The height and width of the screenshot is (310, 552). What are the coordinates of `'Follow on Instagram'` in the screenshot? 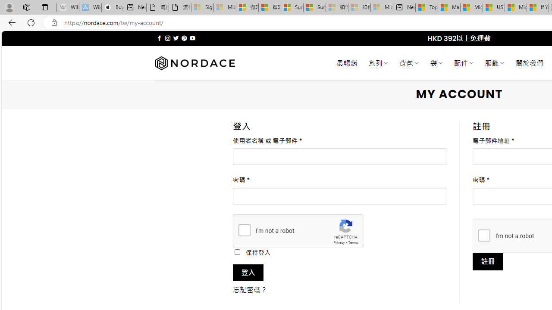 It's located at (167, 38).